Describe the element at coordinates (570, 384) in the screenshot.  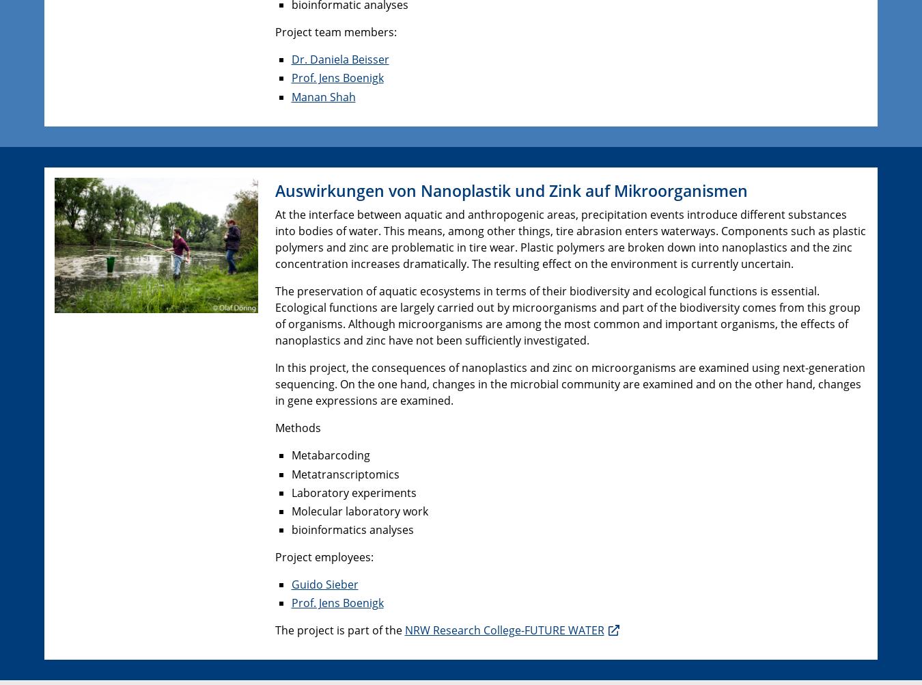
I see `'In this project, the consequences of nanoplastics and zinc on microorganisms are examined using next-generation sequencing. On the one hand, changes in the microbial community are examined and on the other hand, changes in gene expressions are examined.'` at that location.